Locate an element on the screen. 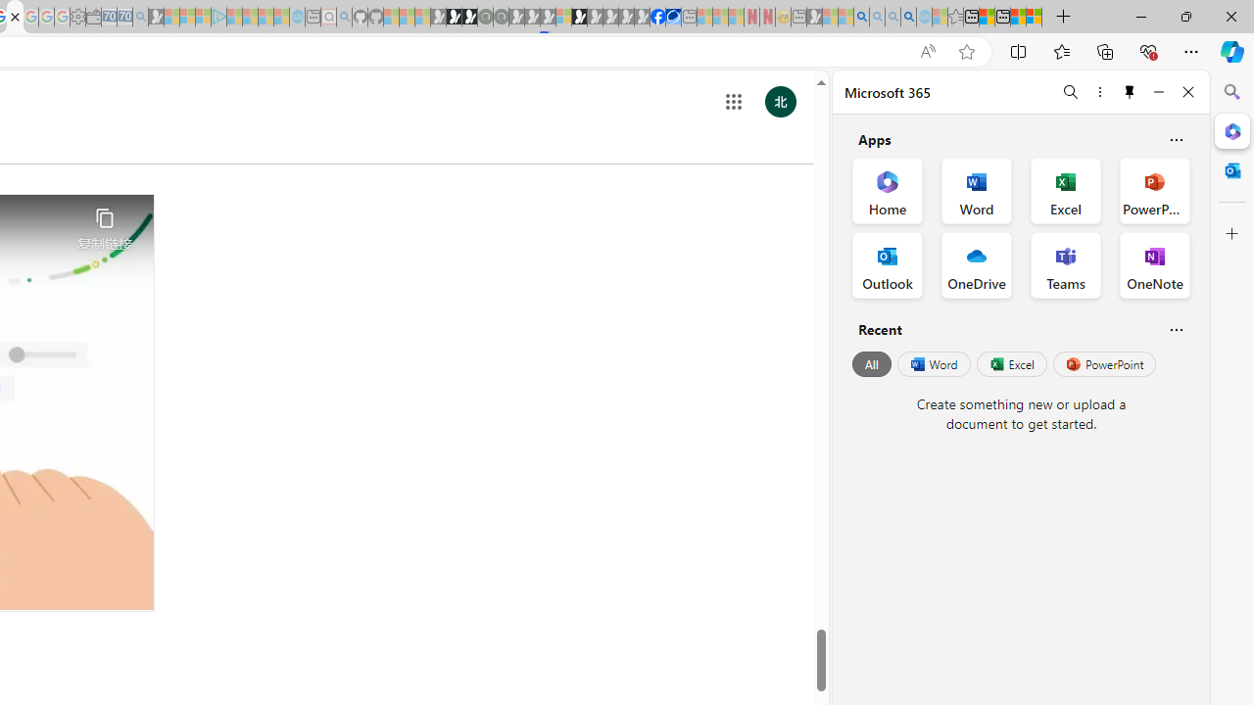 This screenshot has height=705, width=1254. 'Excel Office App' is located at coordinates (1065, 191).